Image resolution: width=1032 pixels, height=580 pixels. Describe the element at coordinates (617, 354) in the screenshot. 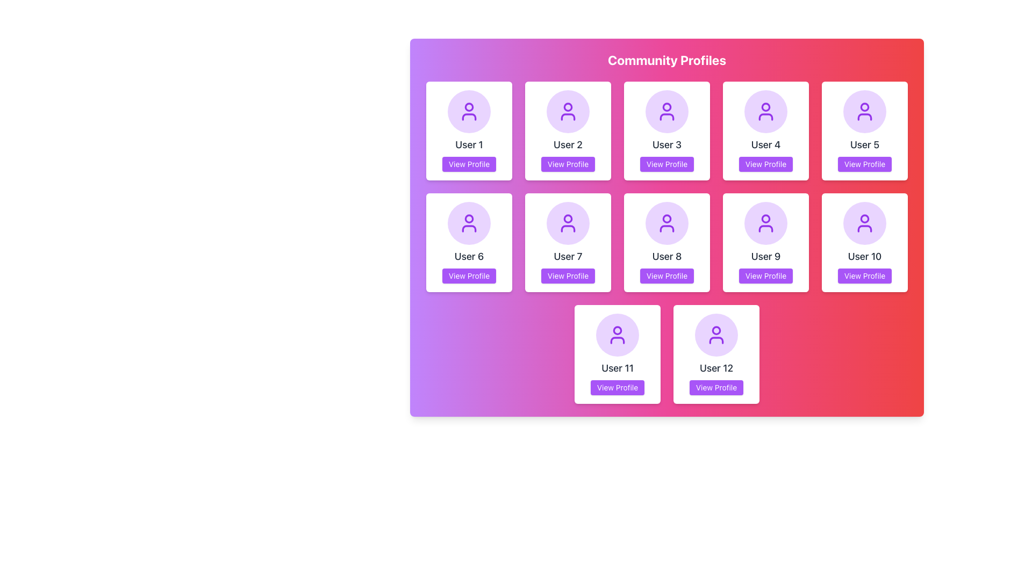

I see `the User Profile Card for 'User 11'` at that location.